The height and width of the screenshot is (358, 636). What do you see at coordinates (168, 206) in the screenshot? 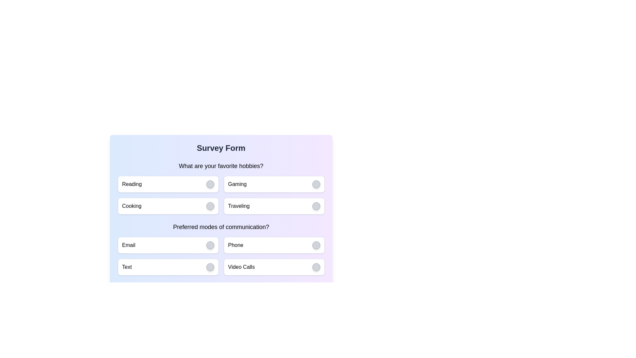
I see `the 'Cooking' option selector checkbox in the survey form, which is the third item in a two-row grid under 'What are your favorite hobbies?'` at bounding box center [168, 206].